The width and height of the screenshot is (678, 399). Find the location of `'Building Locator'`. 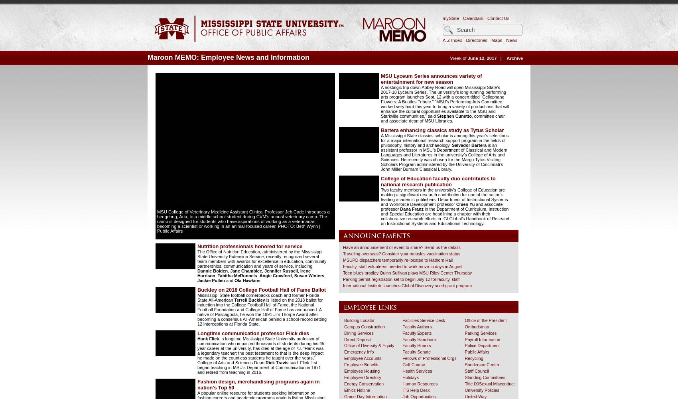

'Building Locator' is located at coordinates (359, 320).